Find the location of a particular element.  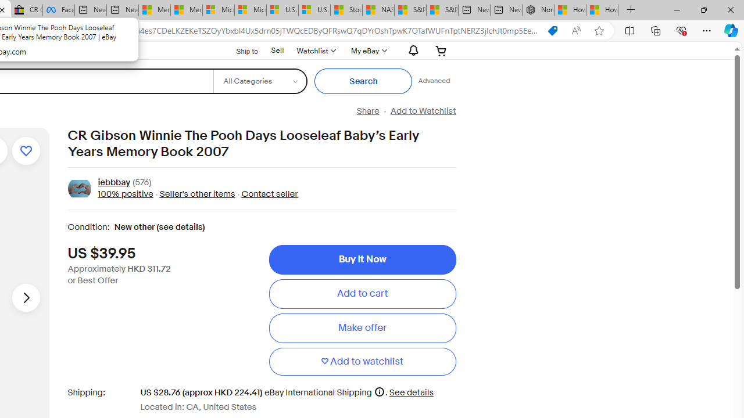

'Buy It Now' is located at coordinates (362, 259).